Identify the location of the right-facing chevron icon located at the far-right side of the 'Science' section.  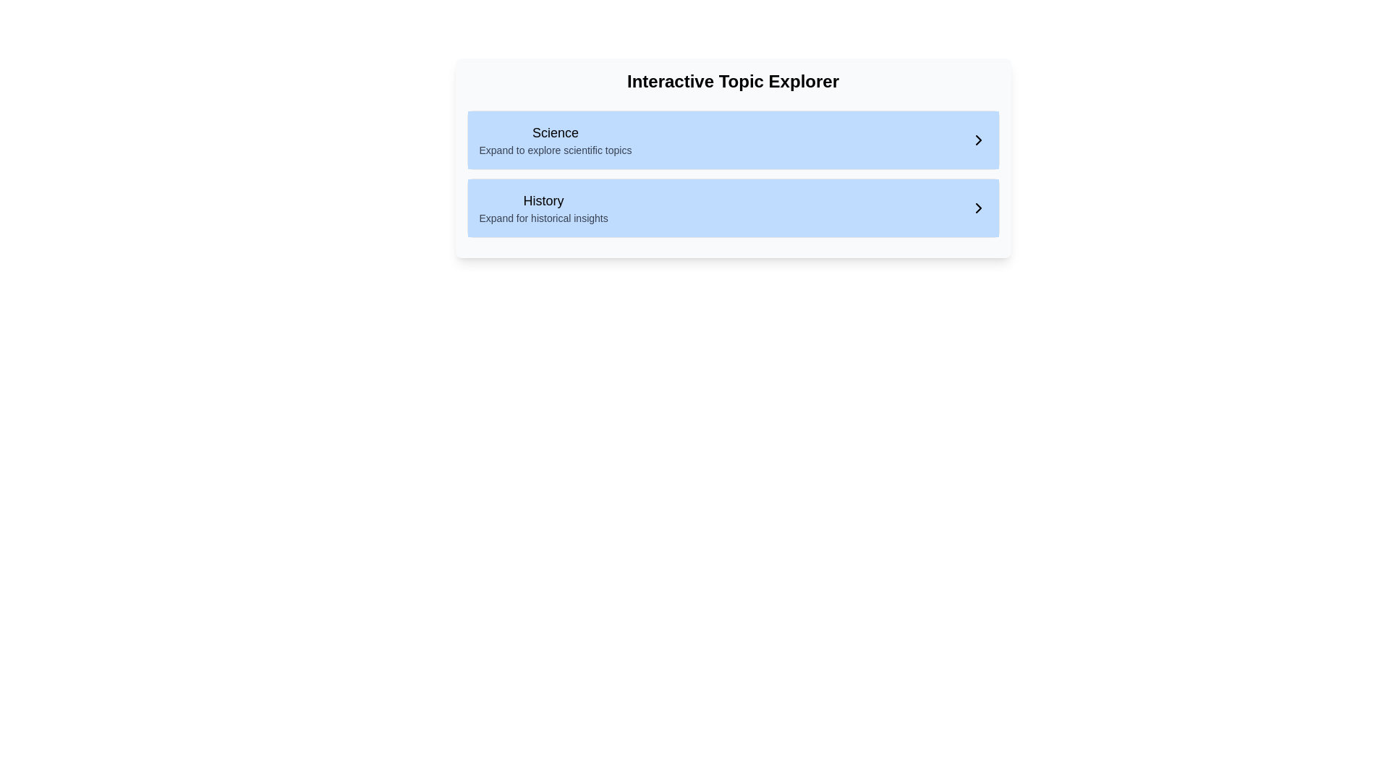
(978, 140).